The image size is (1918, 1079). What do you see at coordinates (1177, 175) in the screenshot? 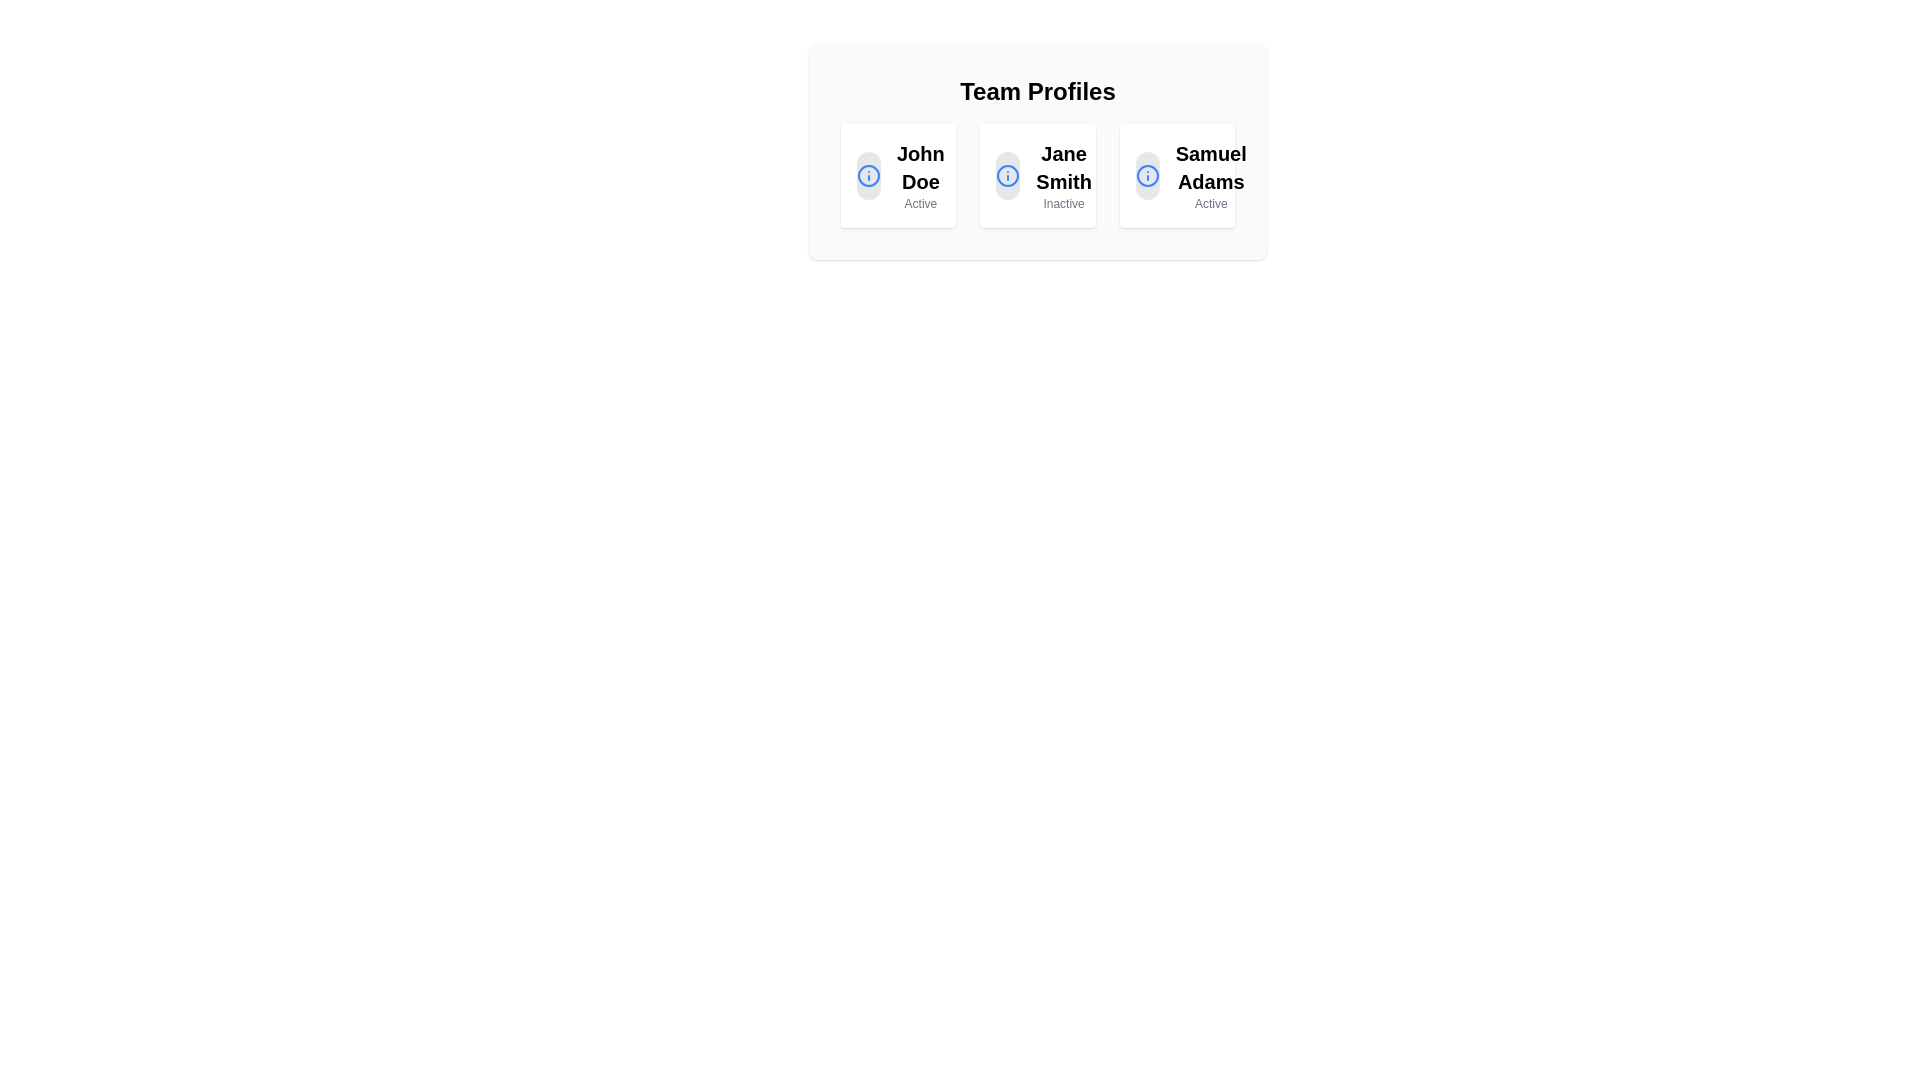
I see `the Profile card representing 'Samuel Adams'` at bounding box center [1177, 175].